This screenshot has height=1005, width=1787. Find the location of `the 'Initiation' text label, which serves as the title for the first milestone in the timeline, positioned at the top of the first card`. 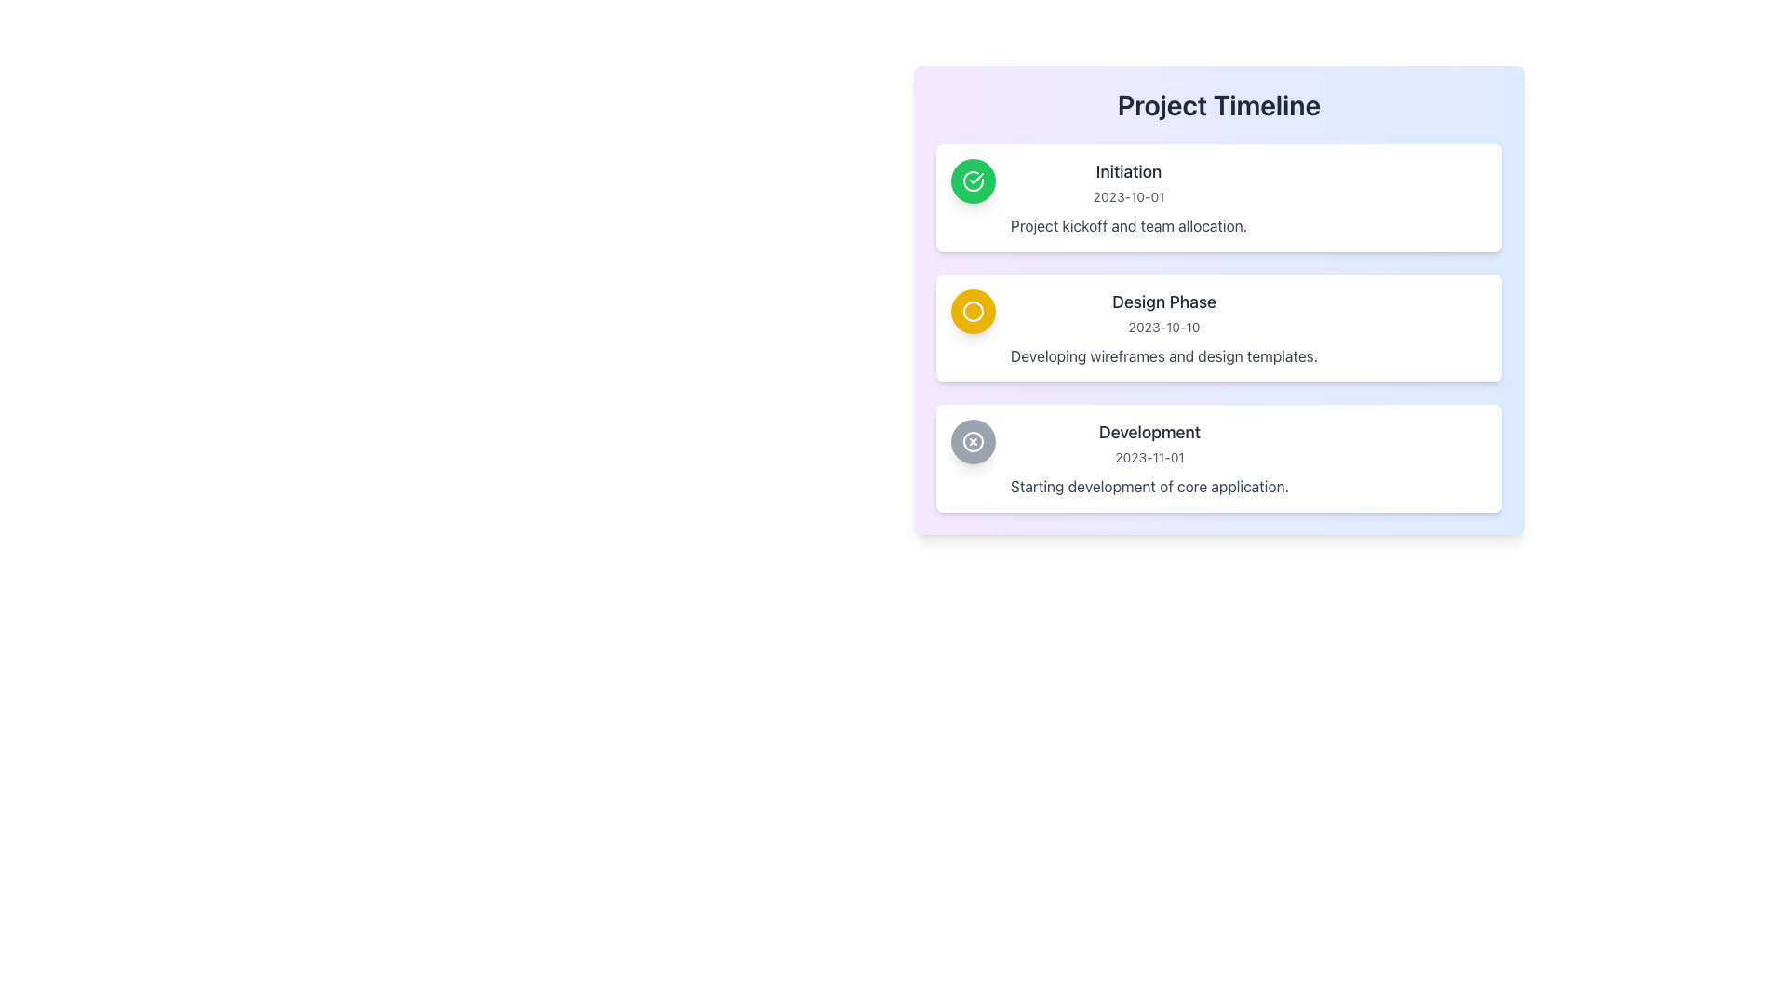

the 'Initiation' text label, which serves as the title for the first milestone in the timeline, positioned at the top of the first card is located at coordinates (1128, 172).